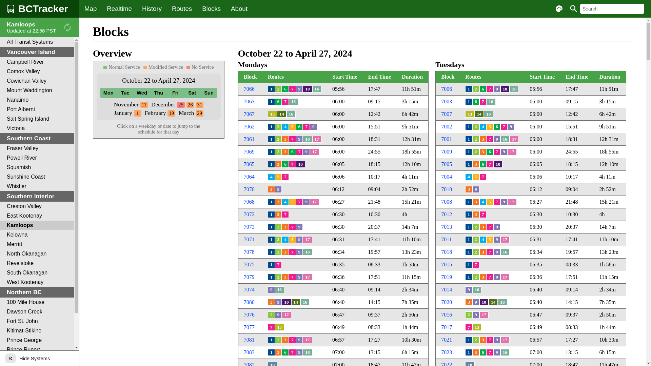  What do you see at coordinates (177, 105) in the screenshot?
I see `'25'` at bounding box center [177, 105].